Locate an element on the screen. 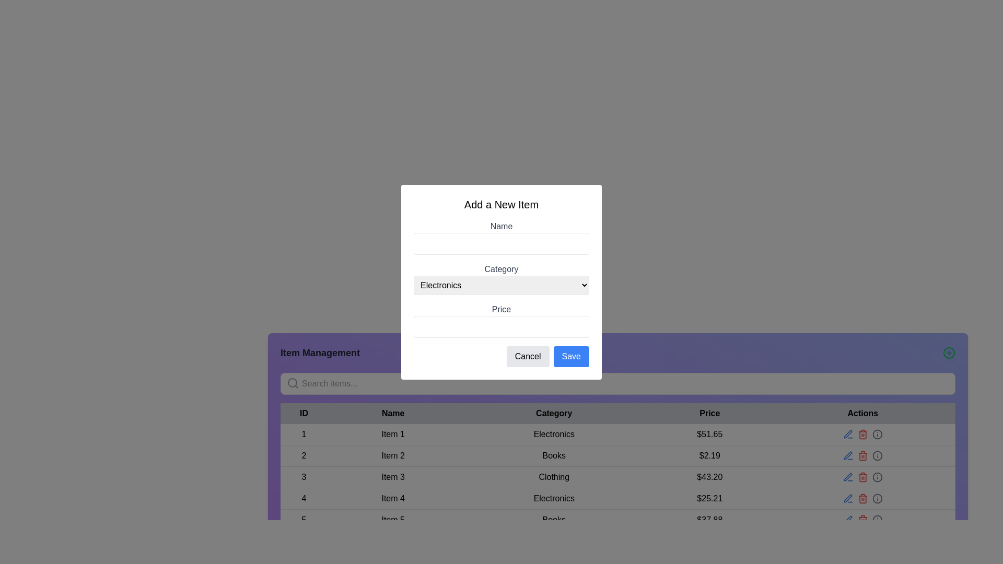 The image size is (1003, 564). the fifth column header in the table, which indicates actions related to the table entries is located at coordinates (862, 413).